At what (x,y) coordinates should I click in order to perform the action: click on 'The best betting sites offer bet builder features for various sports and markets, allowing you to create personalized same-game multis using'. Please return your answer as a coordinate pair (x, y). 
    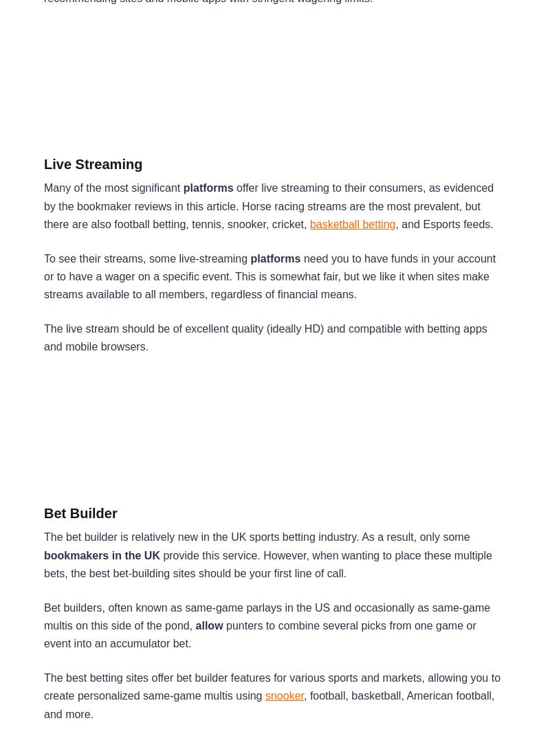
    Looking at the image, I should click on (43, 687).